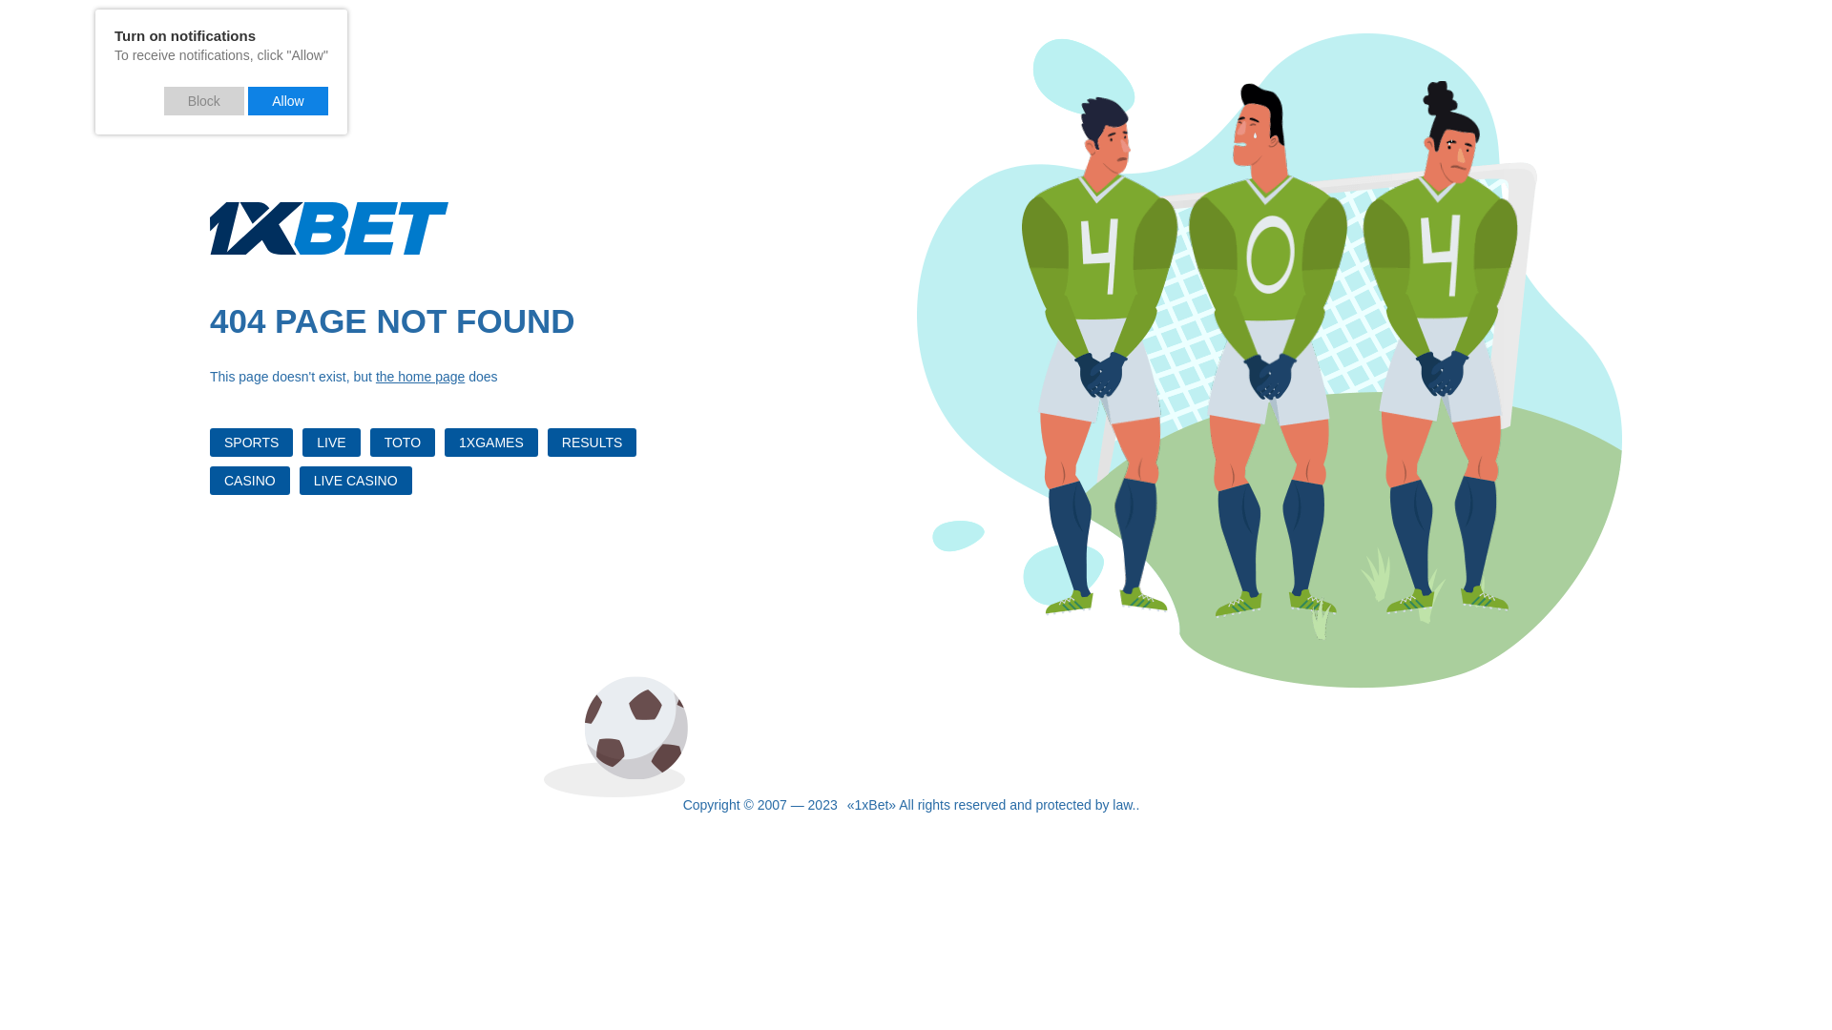  Describe the element at coordinates (490, 442) in the screenshot. I see `'1XGAMES'` at that location.